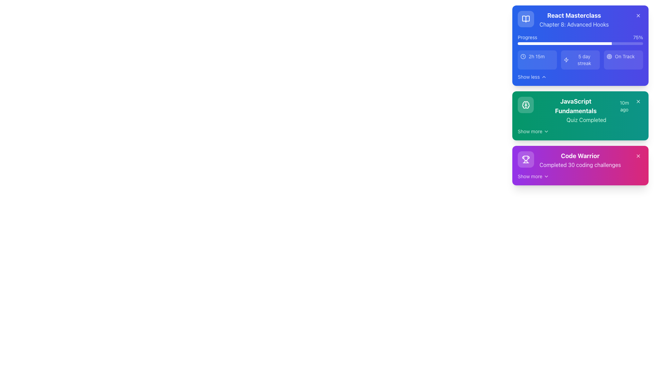 This screenshot has width=654, height=368. What do you see at coordinates (580, 60) in the screenshot?
I see `the Composite information display, which contains items like '2h 15m', '5 day streak' with a lightning bolt icon, and 'On Track' with a target icon, located below the progress indicator in the 'React Masterclass' section` at bounding box center [580, 60].